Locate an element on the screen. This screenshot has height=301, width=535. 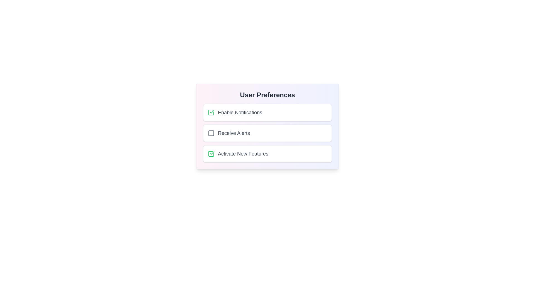
the 'Receive Alerts' checkbox located in the 'User Preferences' section is located at coordinates (267, 133).